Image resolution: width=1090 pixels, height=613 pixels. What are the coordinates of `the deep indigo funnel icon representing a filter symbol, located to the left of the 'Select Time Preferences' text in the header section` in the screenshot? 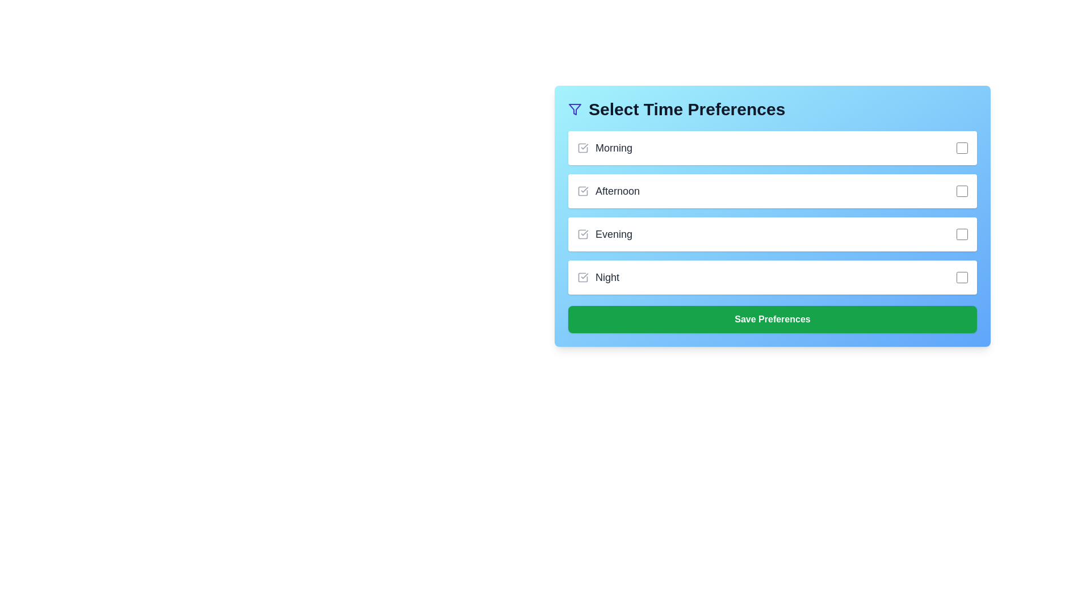 It's located at (575, 109).